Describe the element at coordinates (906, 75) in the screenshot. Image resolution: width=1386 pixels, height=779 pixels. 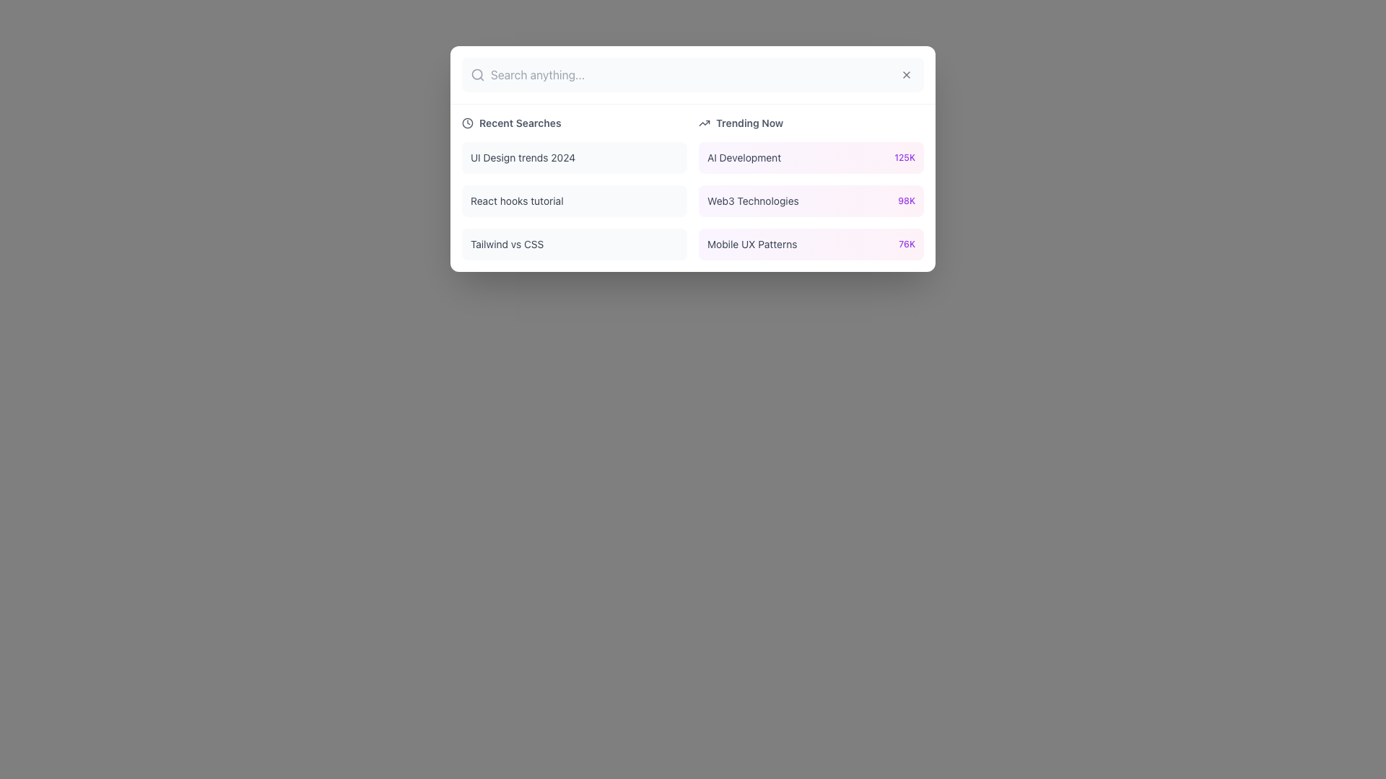
I see `the button located at the top-right corner of the search input bar to observe the hover effect` at that location.